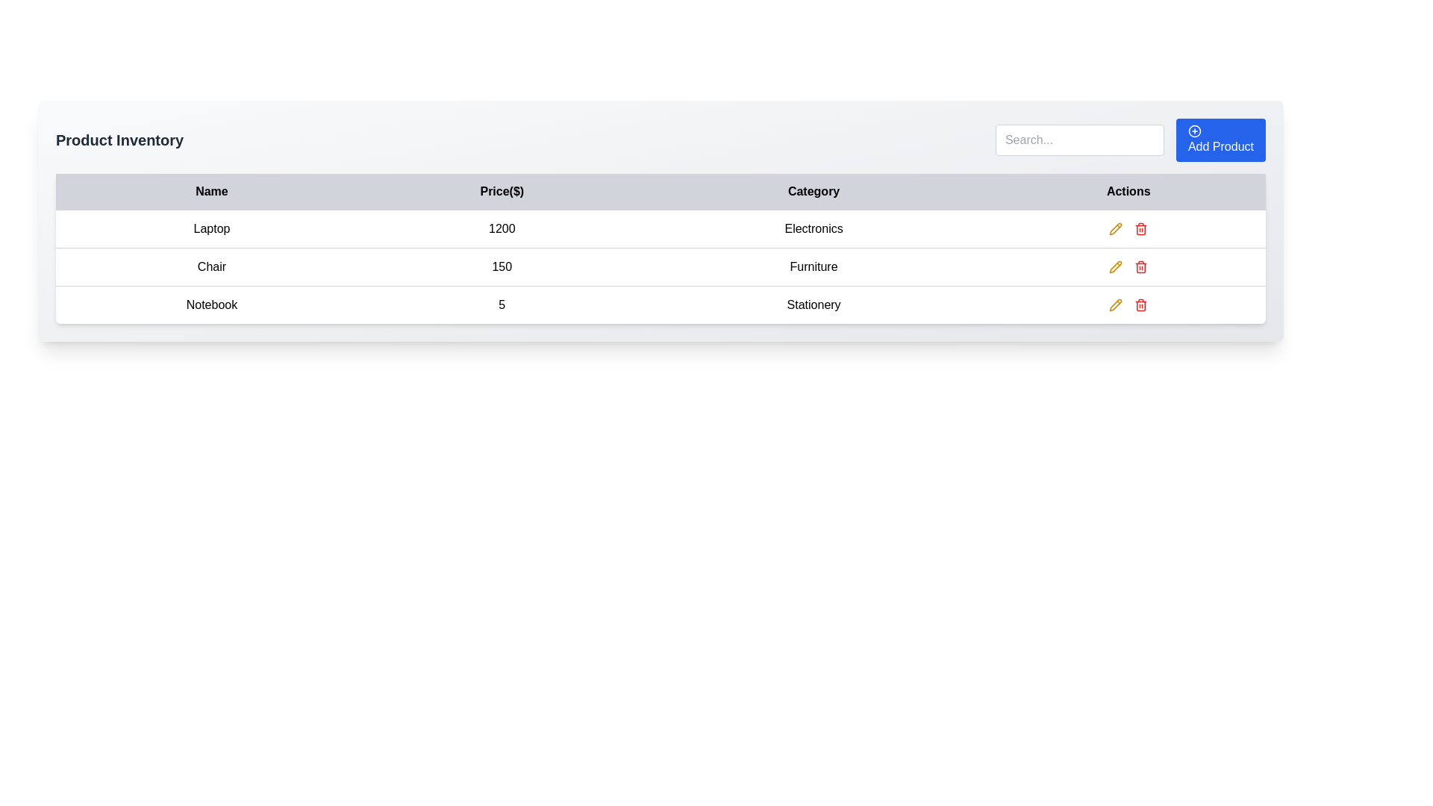 This screenshot has height=806, width=1433. What do you see at coordinates (502, 229) in the screenshot?
I see `the text element displaying the value '1200' under the column header 'Price($)' in the first row of the table` at bounding box center [502, 229].